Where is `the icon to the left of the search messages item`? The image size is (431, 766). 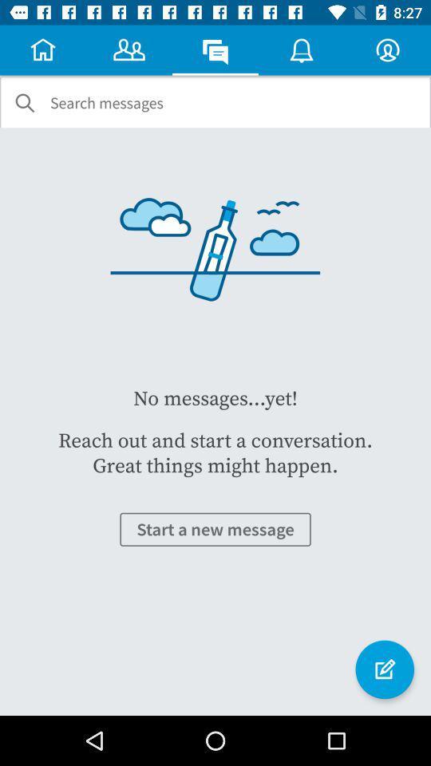 the icon to the left of the search messages item is located at coordinates (24, 102).